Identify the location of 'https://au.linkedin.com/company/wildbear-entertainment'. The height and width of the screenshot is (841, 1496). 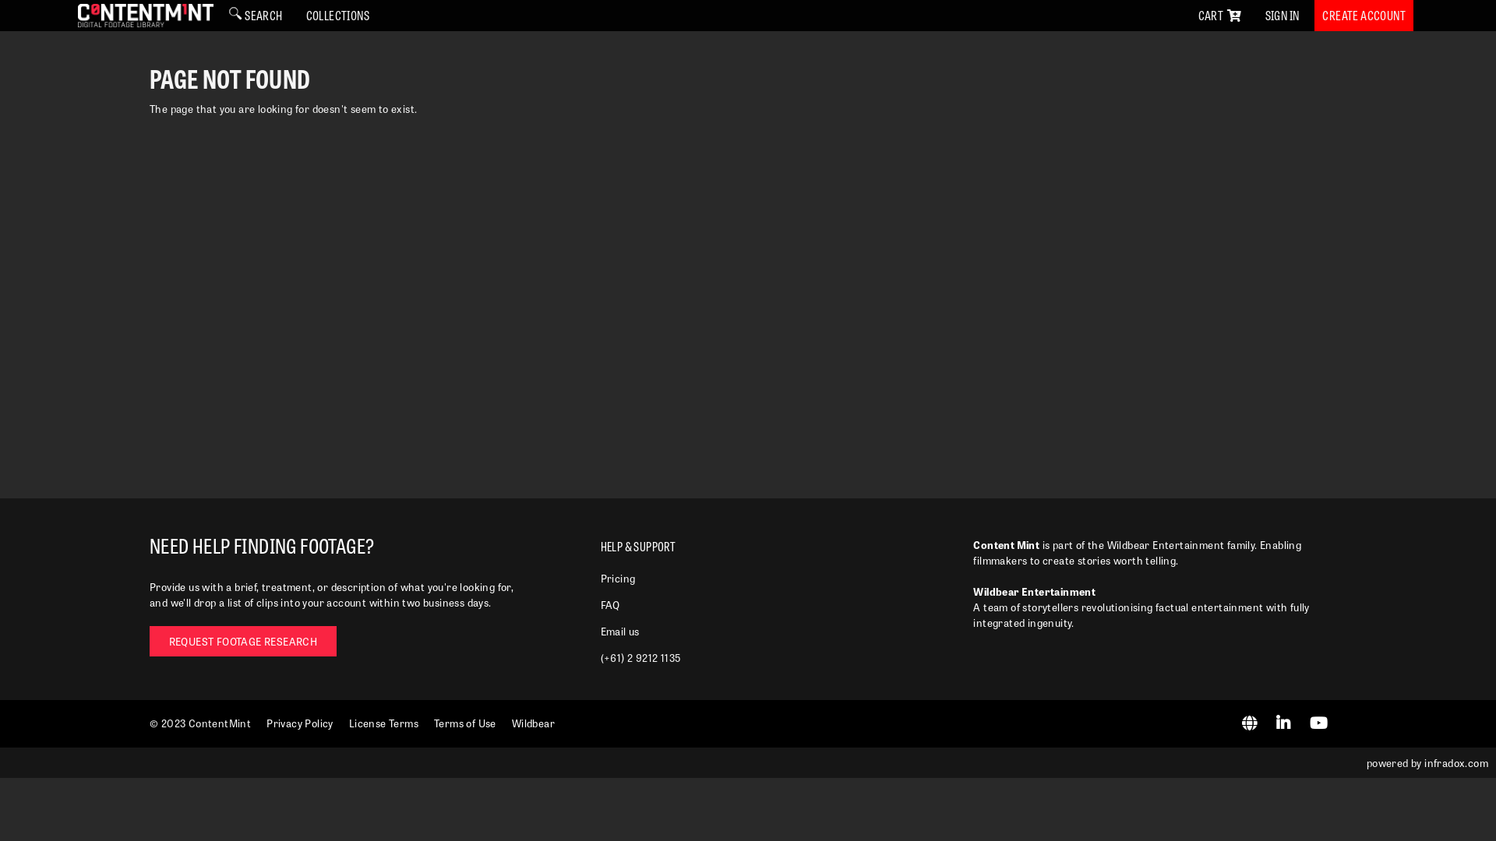
(1285, 724).